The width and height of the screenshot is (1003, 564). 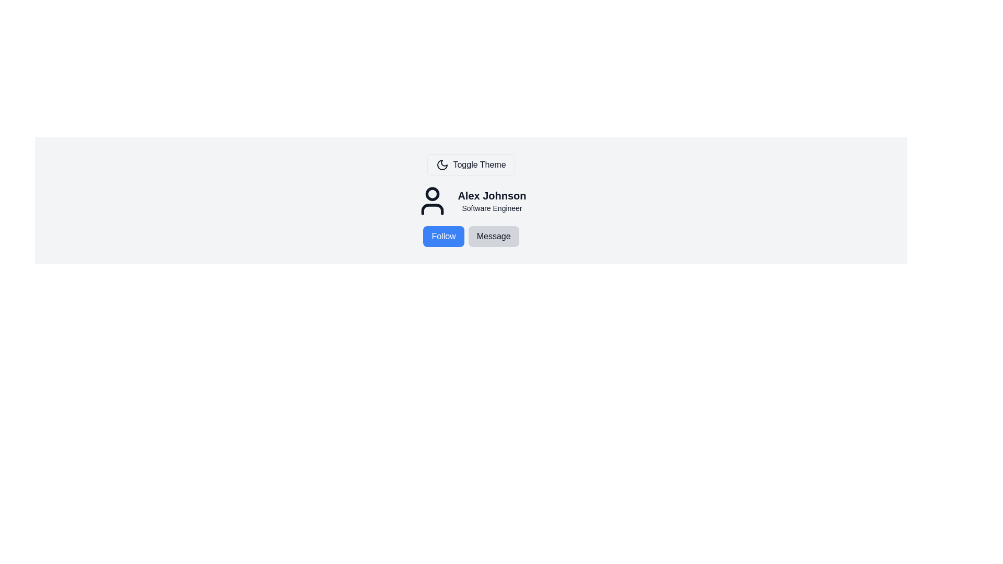 I want to click on the text label displaying the name of the individual being viewed, which is centrally aligned and positioned above the description label 'Software Engineer', so click(x=491, y=195).